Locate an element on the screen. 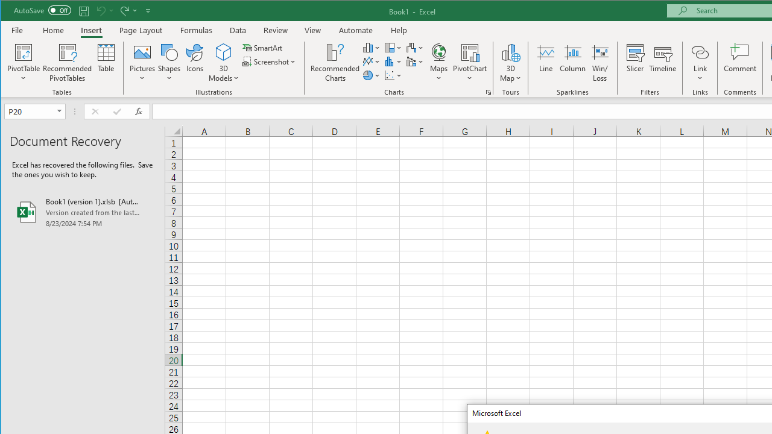  'PivotTable' is located at coordinates (24, 63).